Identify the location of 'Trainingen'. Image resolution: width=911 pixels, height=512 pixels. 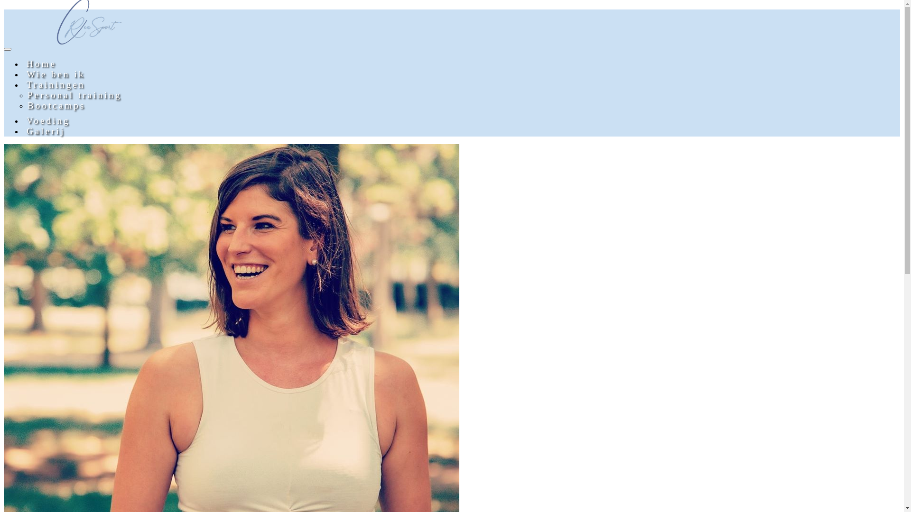
(56, 84).